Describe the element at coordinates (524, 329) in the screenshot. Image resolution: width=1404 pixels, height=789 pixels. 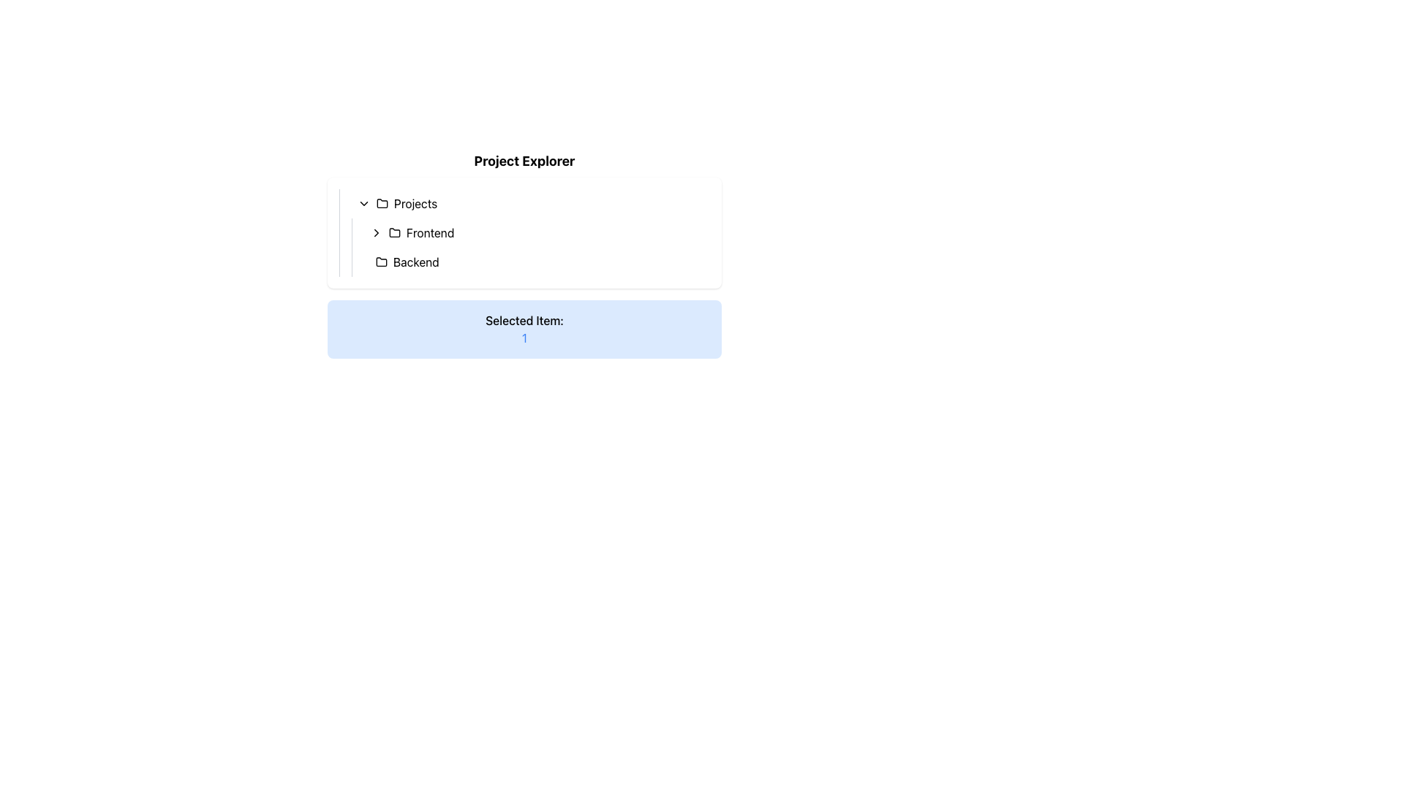
I see `the Informational Label with a light blue background that displays 'Selected Item:' in bold and the number '1' underneath` at that location.